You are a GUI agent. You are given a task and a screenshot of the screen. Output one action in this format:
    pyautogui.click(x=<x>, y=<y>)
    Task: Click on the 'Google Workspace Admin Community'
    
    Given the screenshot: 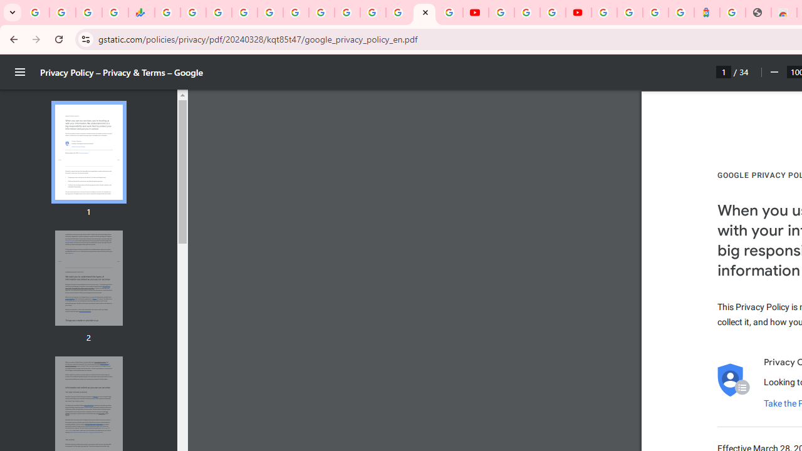 What is the action you would take?
    pyautogui.click(x=36, y=13)
    